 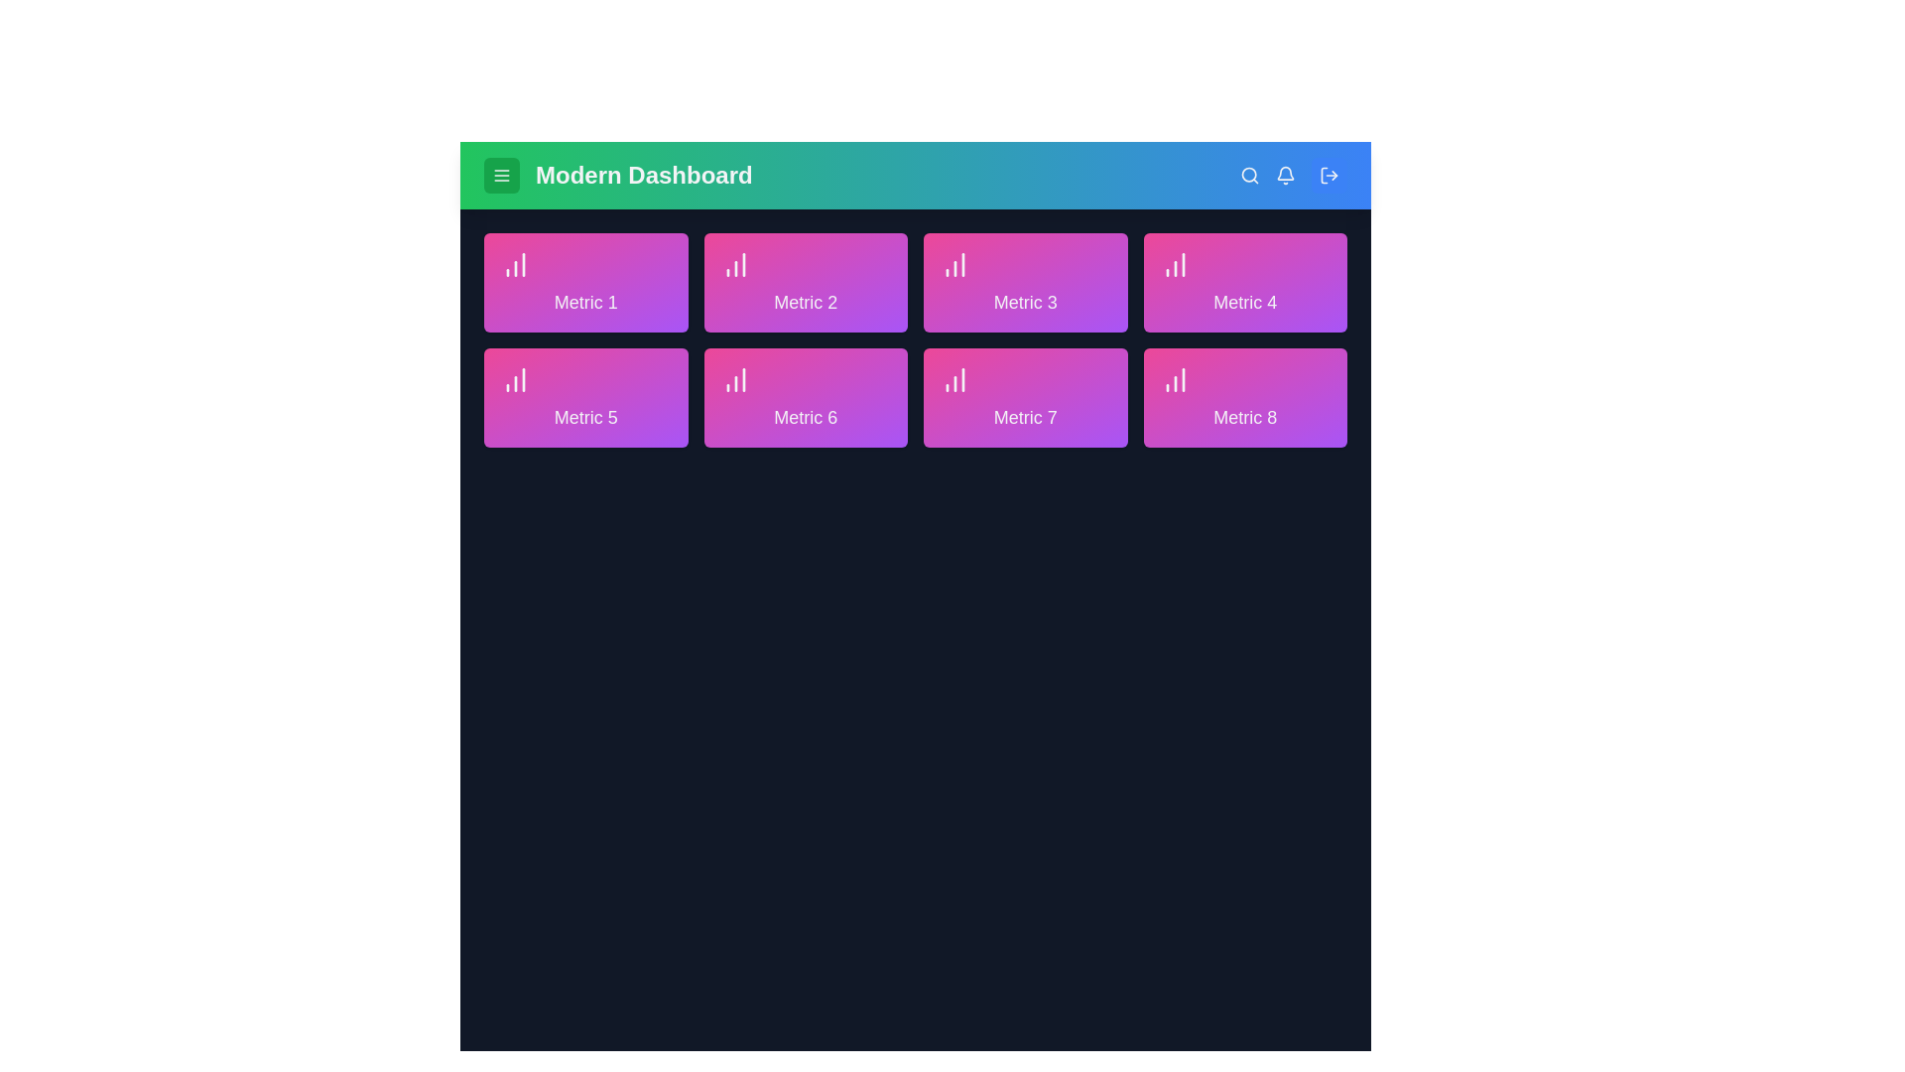 I want to click on the menu button located at the top-left corner of the AdvancedAppBar component, so click(x=501, y=175).